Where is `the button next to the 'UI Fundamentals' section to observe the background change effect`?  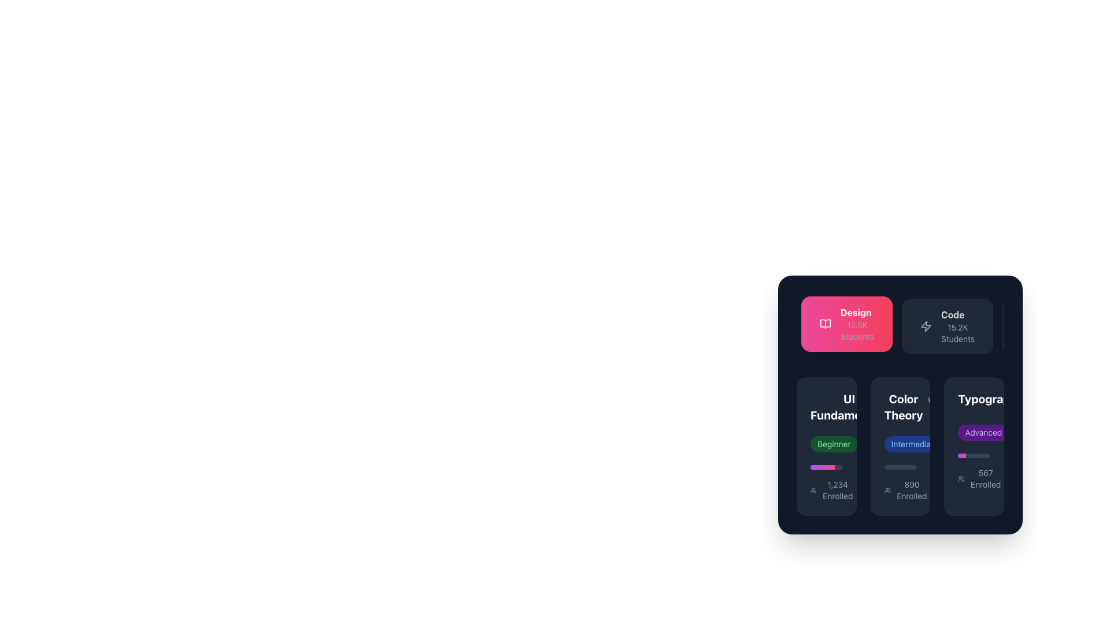
the button next to the 'UI Fundamentals' section to observe the background change effect is located at coordinates (898, 400).